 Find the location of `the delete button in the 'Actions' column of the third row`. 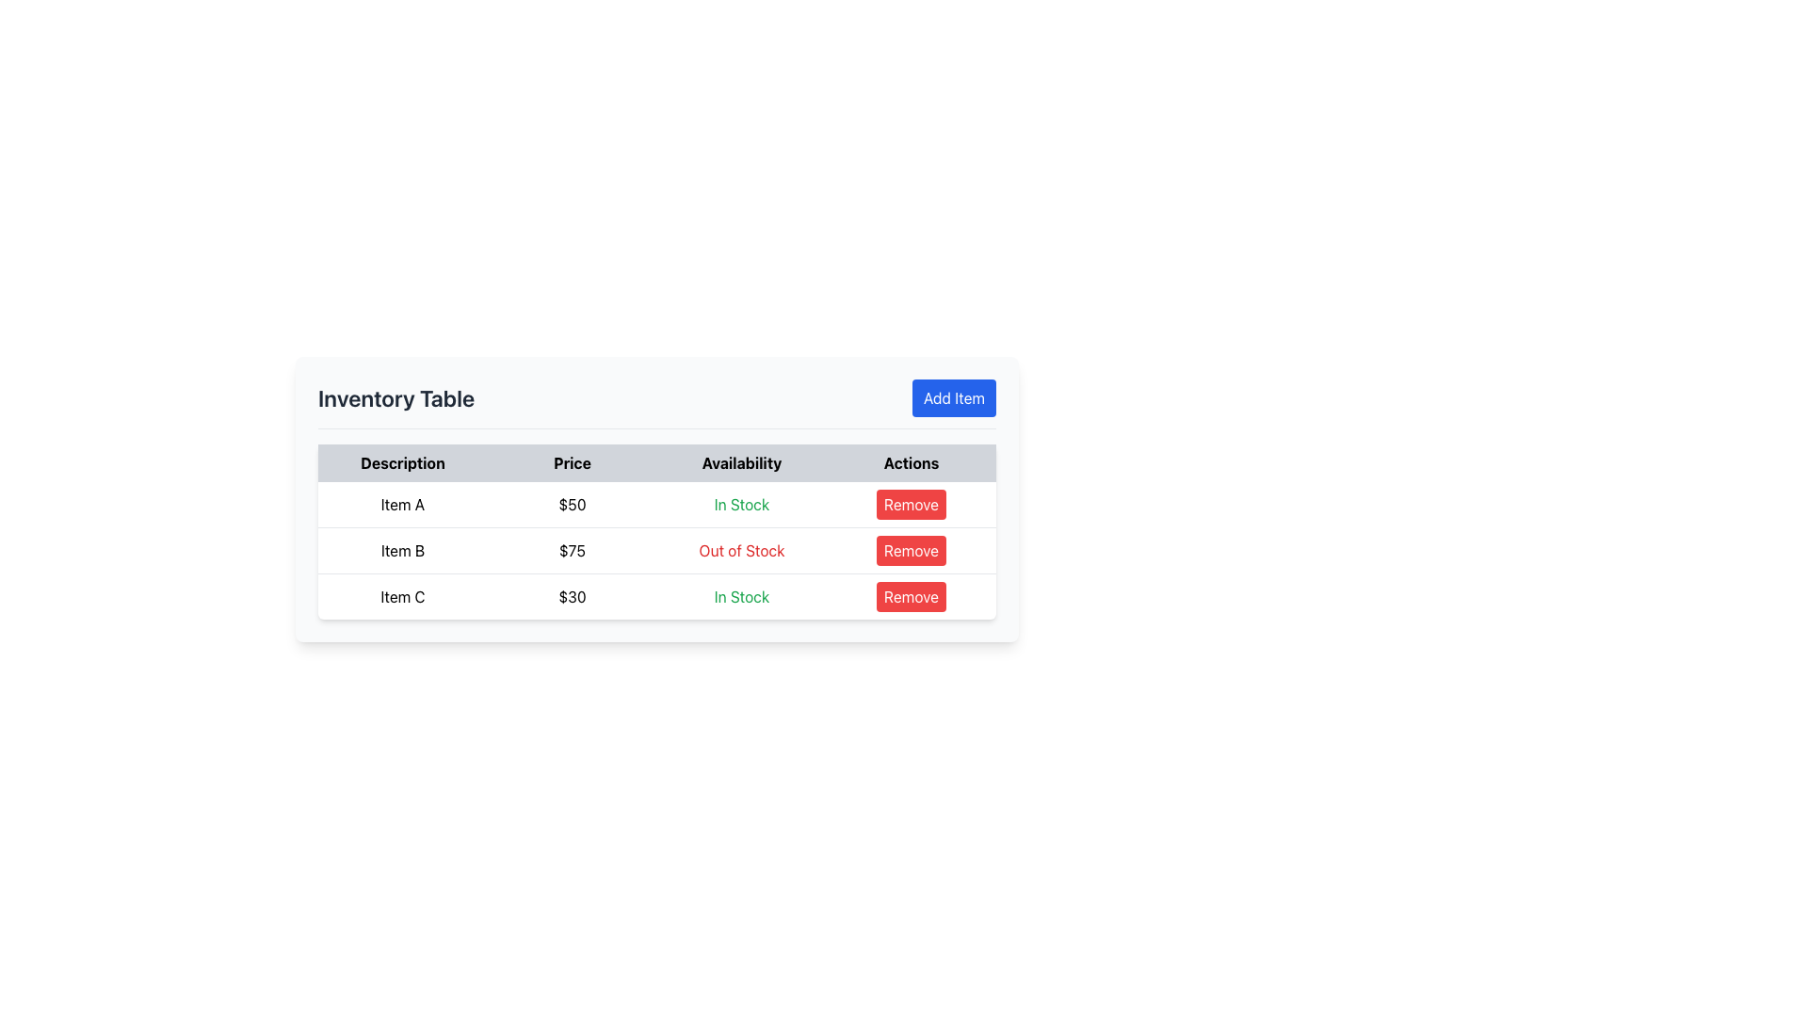

the delete button in the 'Actions' column of the third row is located at coordinates (912, 504).